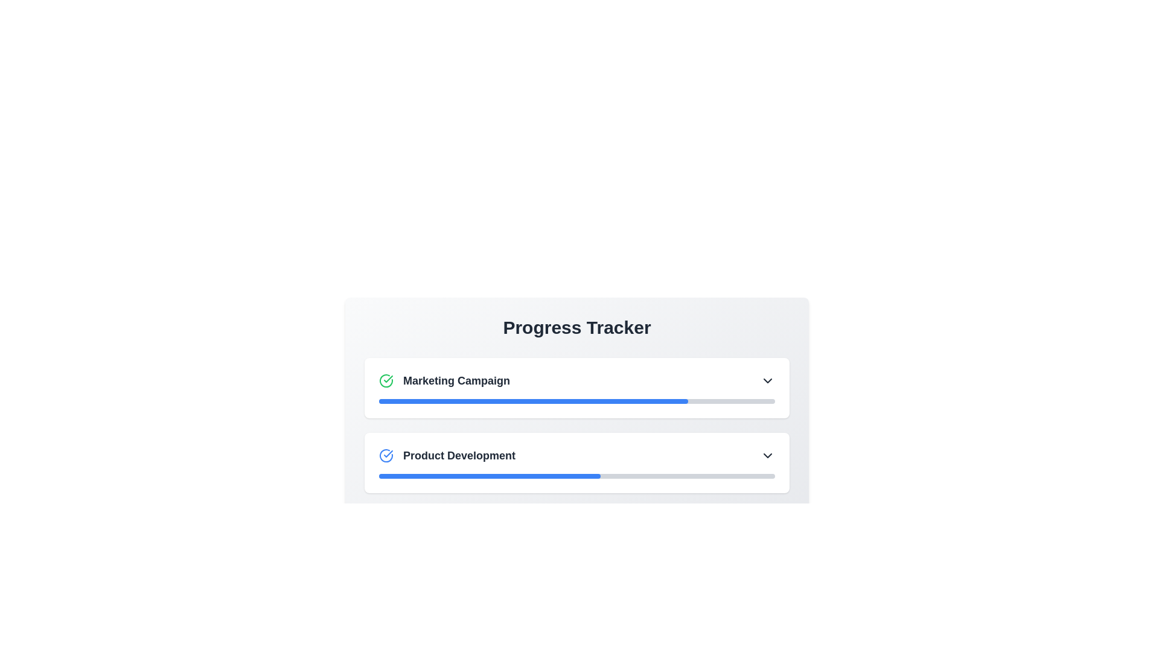 This screenshot has width=1159, height=652. Describe the element at coordinates (576, 401) in the screenshot. I see `the horizontal progress bar with a blue filled section located within the 'Marketing Campaign' section, positioned directly below the title and icon` at that location.